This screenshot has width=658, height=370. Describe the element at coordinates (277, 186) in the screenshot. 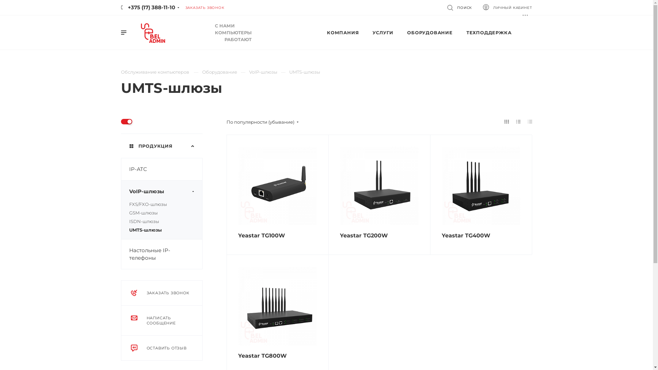

I see `'Yeastar TG100W'` at that location.